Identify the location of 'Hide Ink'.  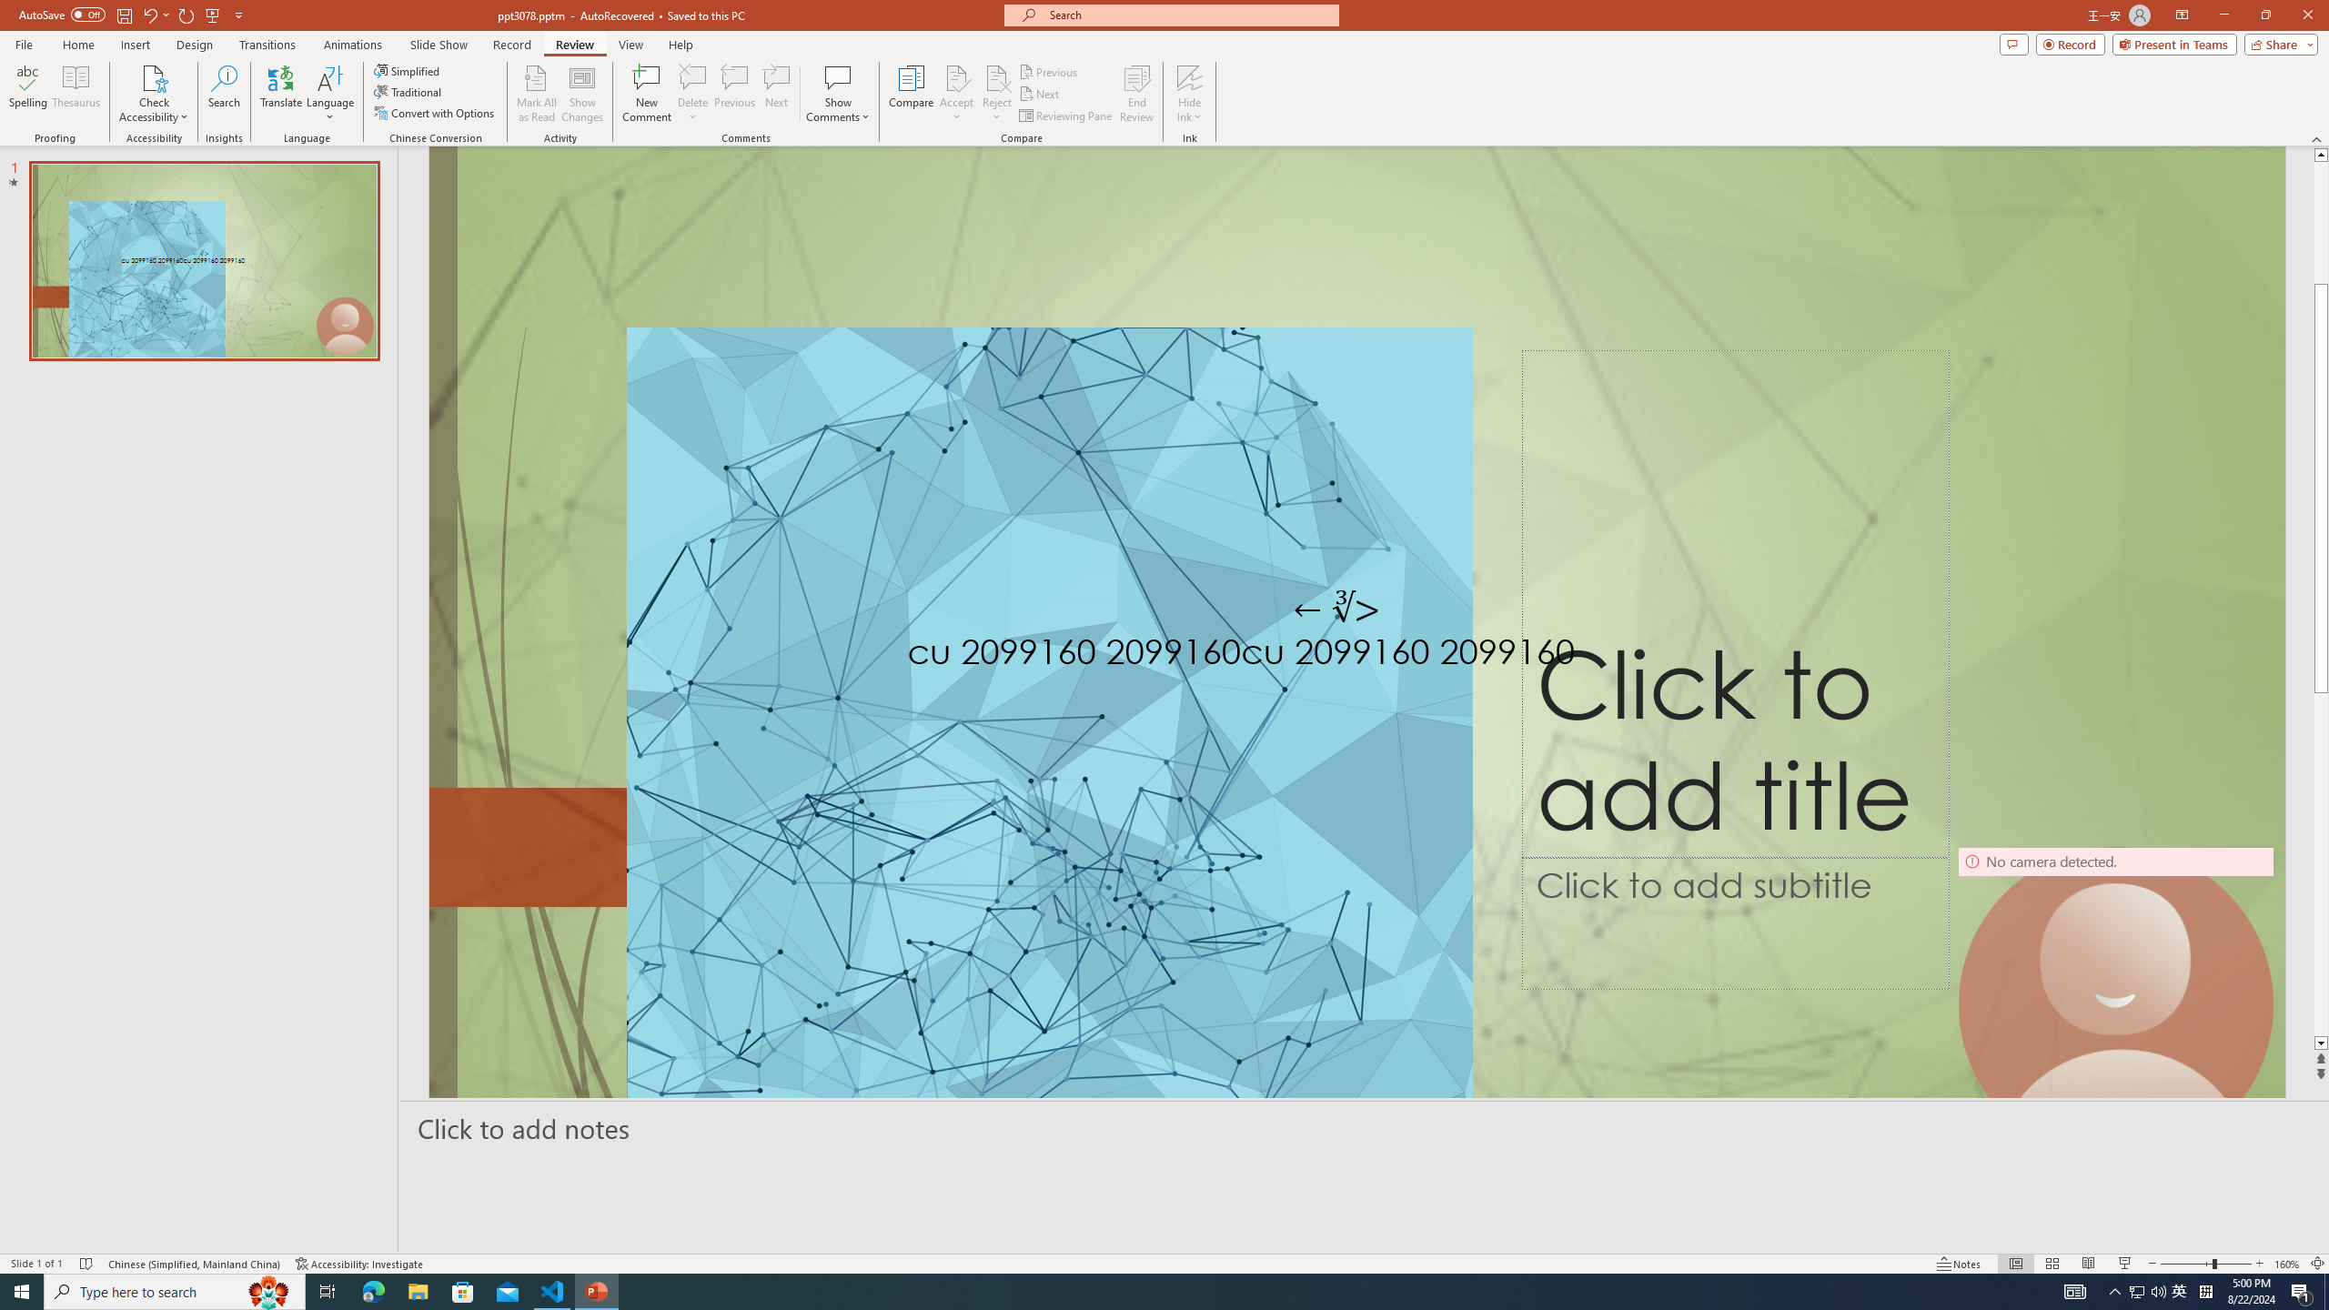
(1190, 94).